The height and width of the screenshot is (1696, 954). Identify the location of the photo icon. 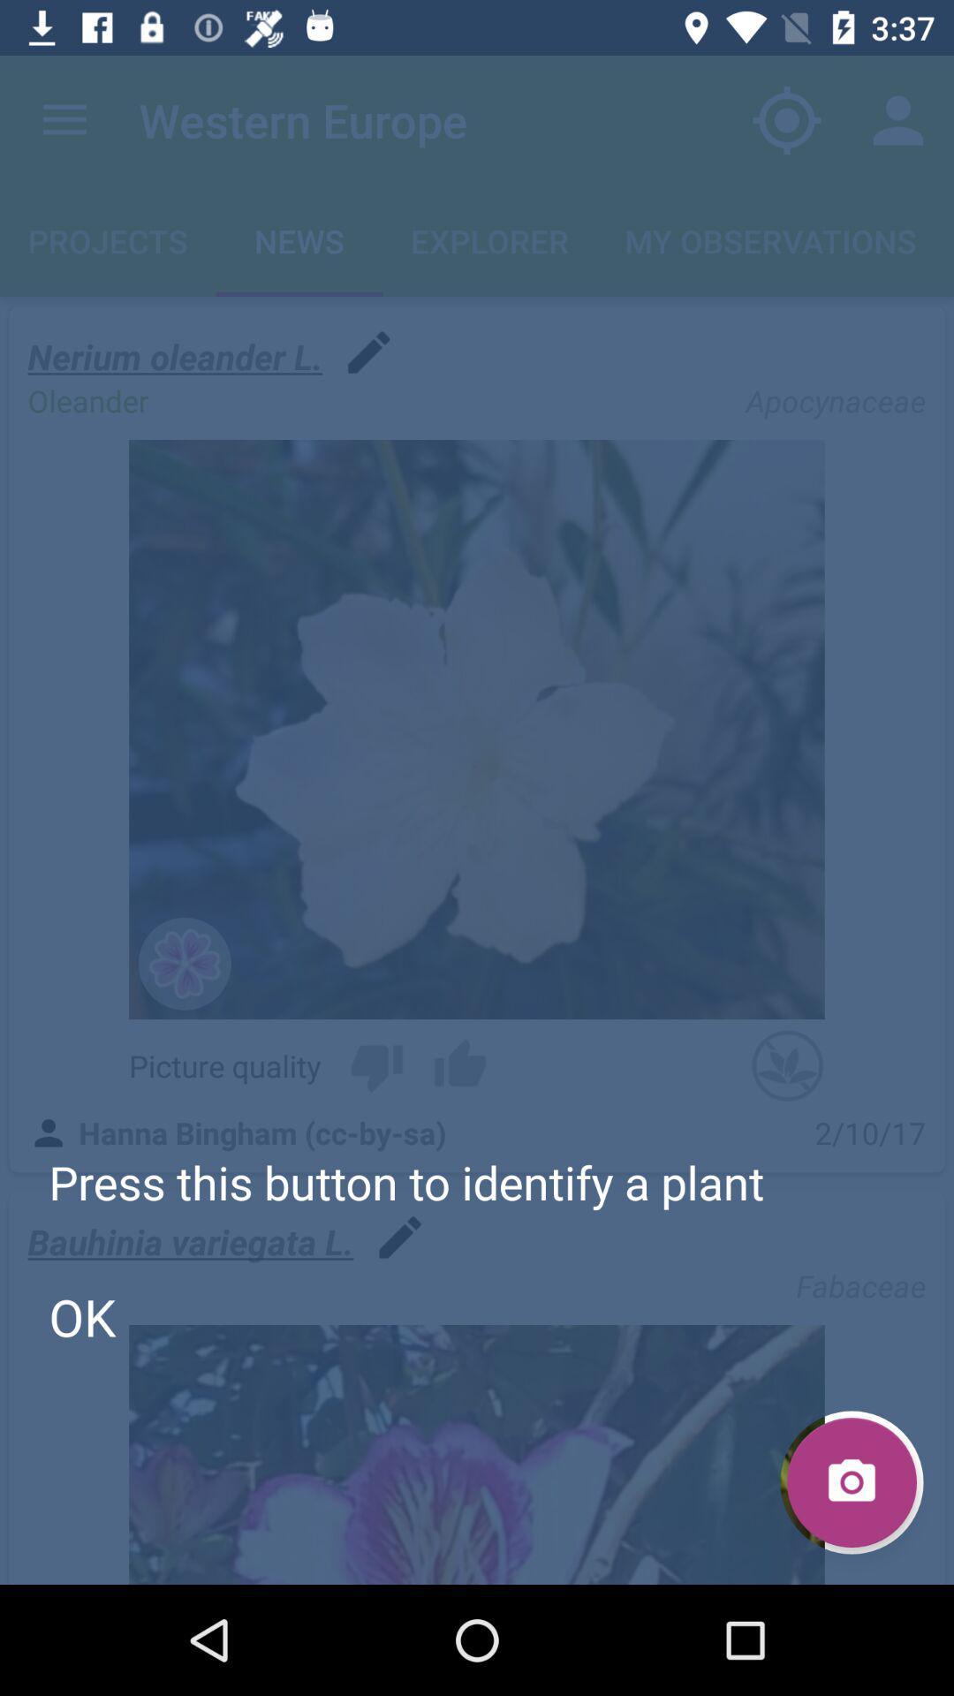
(851, 1482).